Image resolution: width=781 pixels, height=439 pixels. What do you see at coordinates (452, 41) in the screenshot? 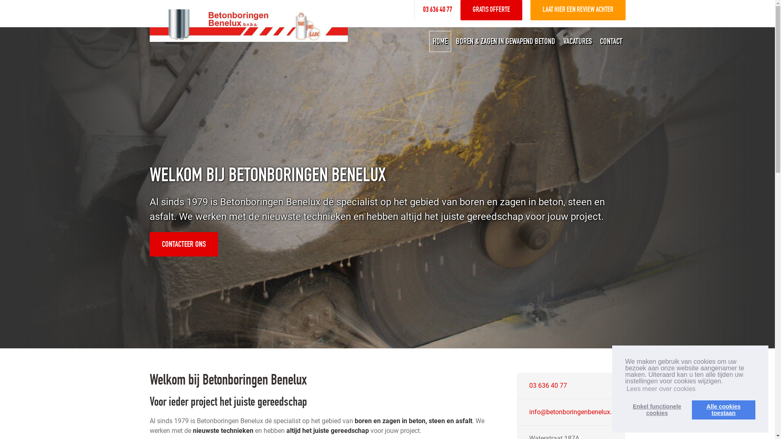
I see `'BOREN & ZAGEN IN GEWAPEND BETOND'` at bounding box center [452, 41].